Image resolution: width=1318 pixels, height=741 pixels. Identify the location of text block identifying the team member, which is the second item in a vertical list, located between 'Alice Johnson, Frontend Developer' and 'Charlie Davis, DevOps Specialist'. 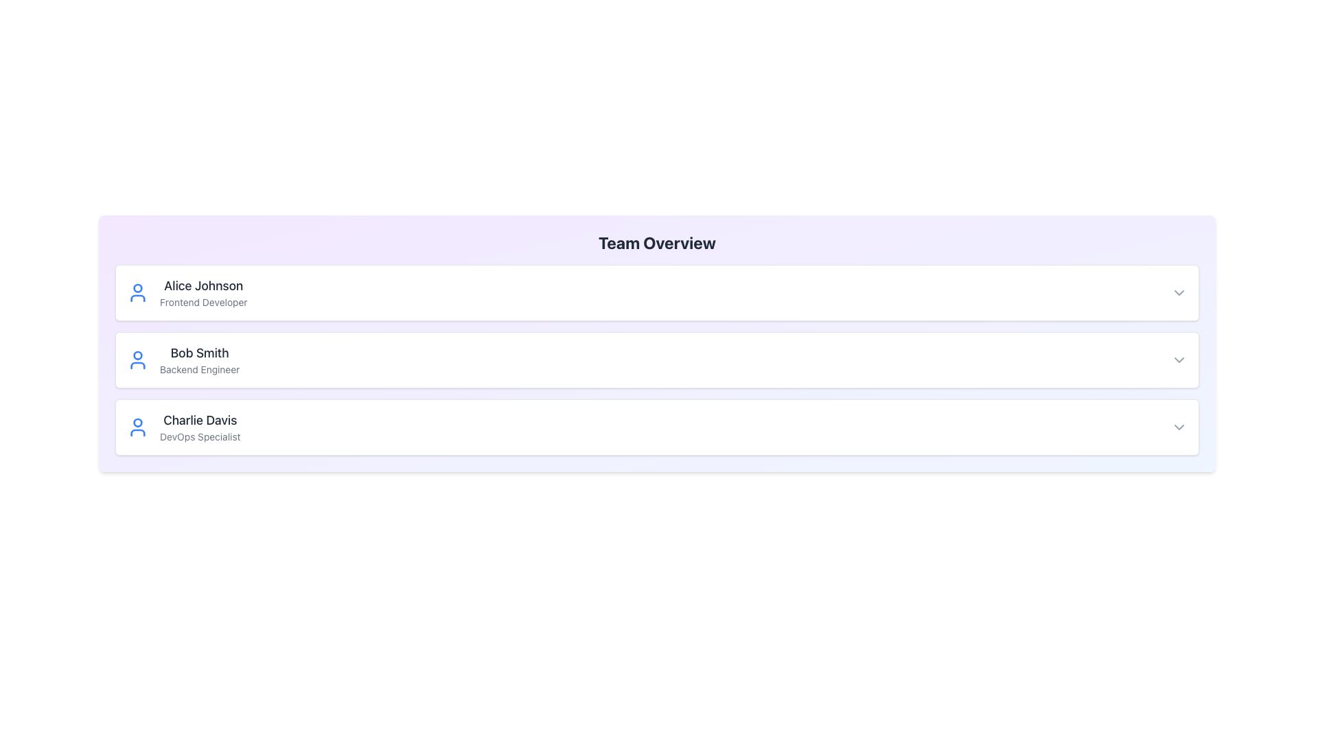
(199, 359).